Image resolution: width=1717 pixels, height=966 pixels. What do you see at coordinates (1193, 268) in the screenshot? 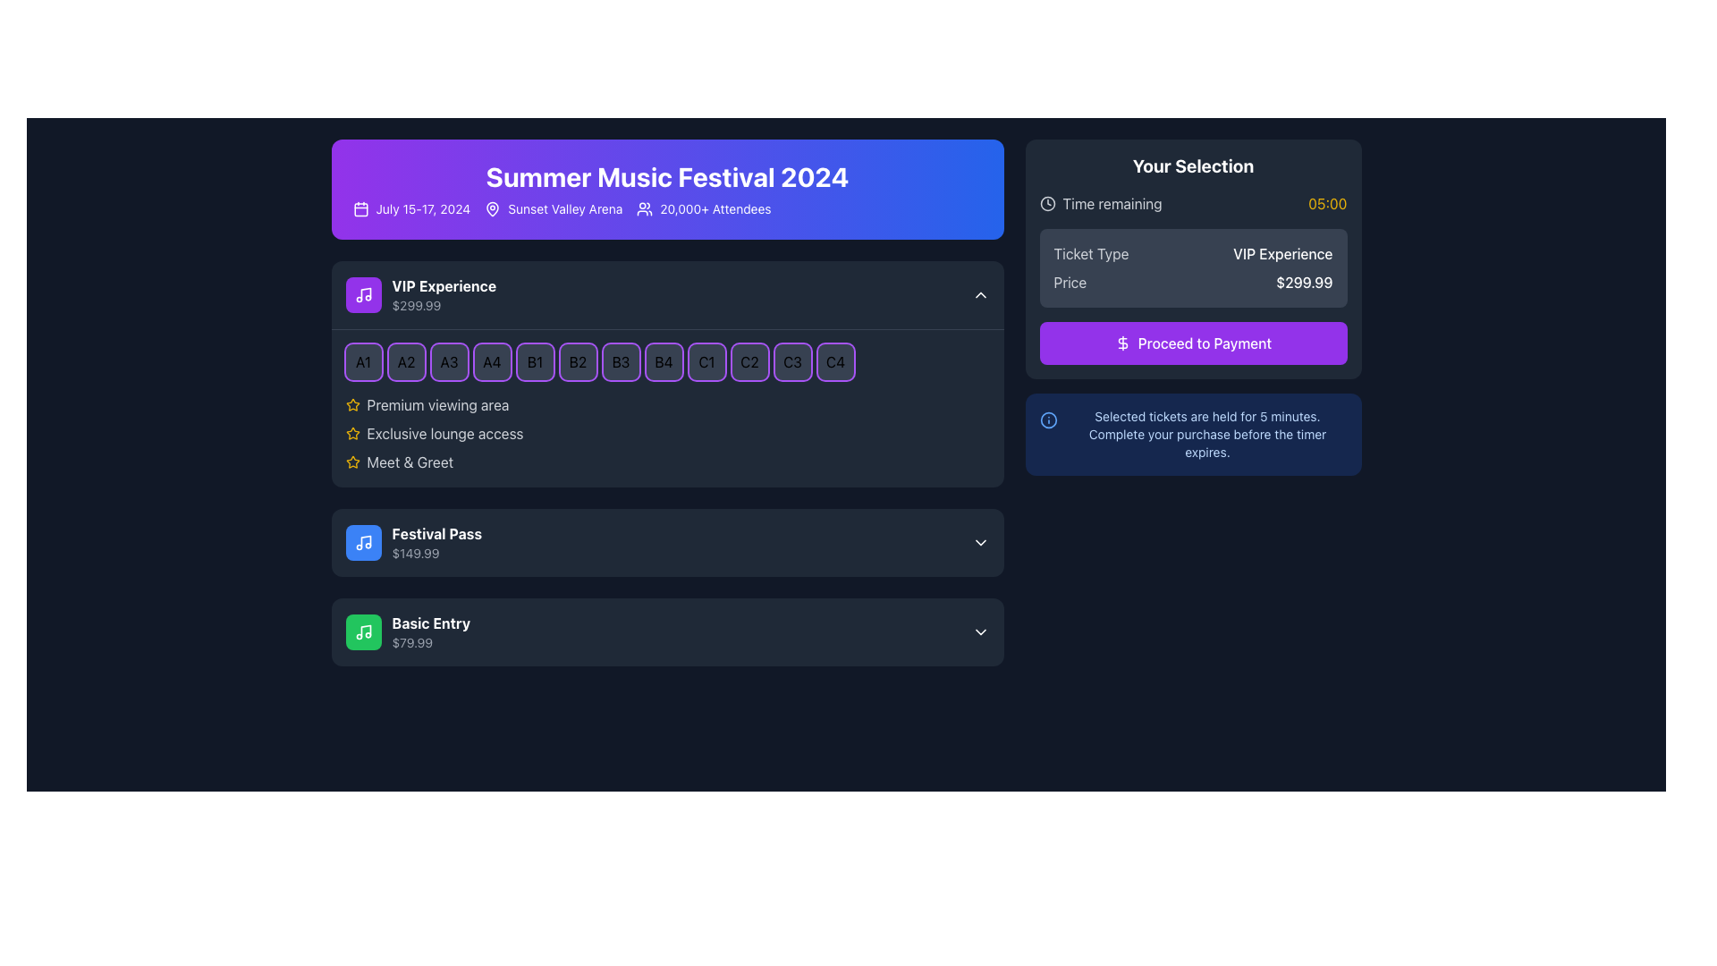
I see `the Information card with a dark gray background that contains the labels 'Ticket Type' and 'Price' on the left and 'VIP Experience' and '$299.99' on the right, located within the 'Your Selection' section` at bounding box center [1193, 268].